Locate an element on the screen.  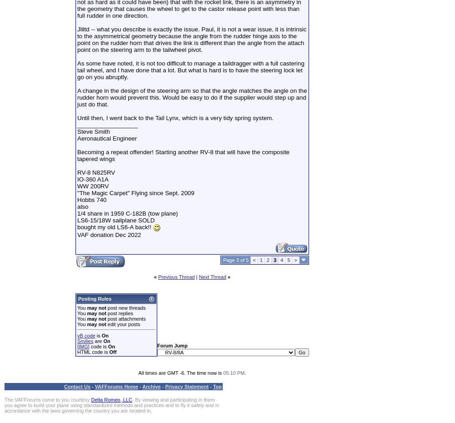
'vB code' is located at coordinates (86, 335).